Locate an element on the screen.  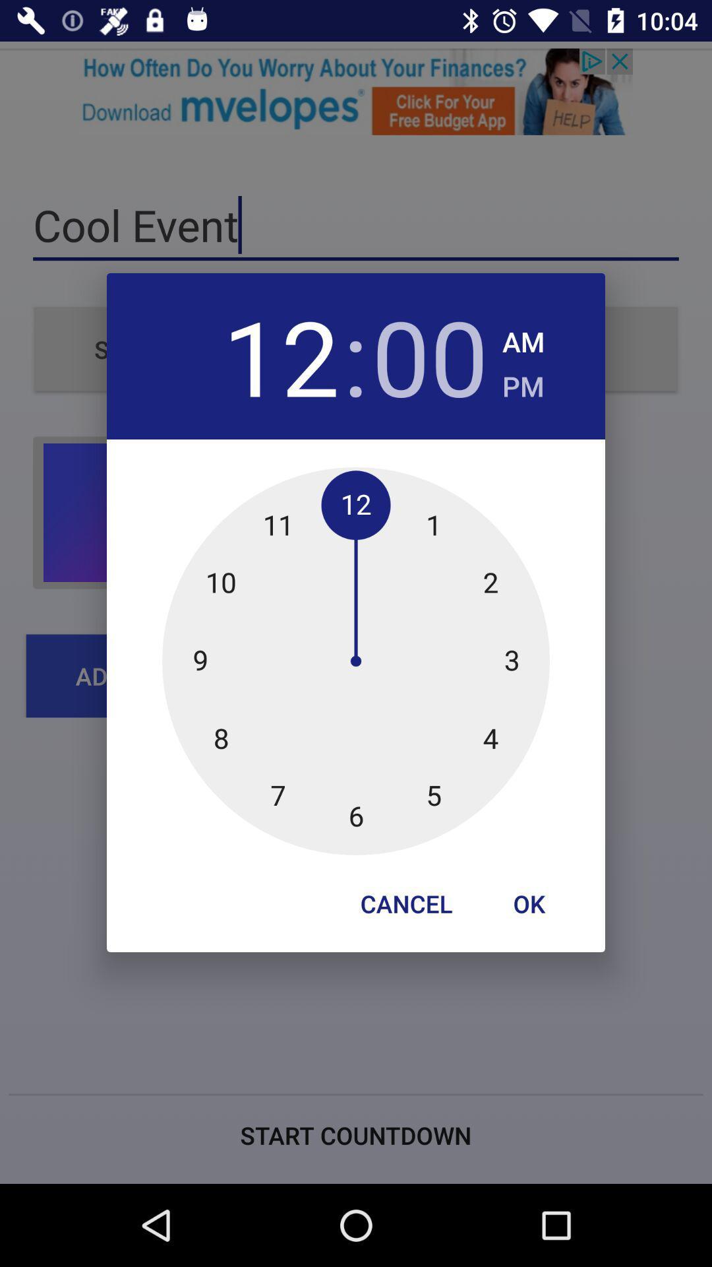
the icon to the left of am checkbox is located at coordinates (430, 356).